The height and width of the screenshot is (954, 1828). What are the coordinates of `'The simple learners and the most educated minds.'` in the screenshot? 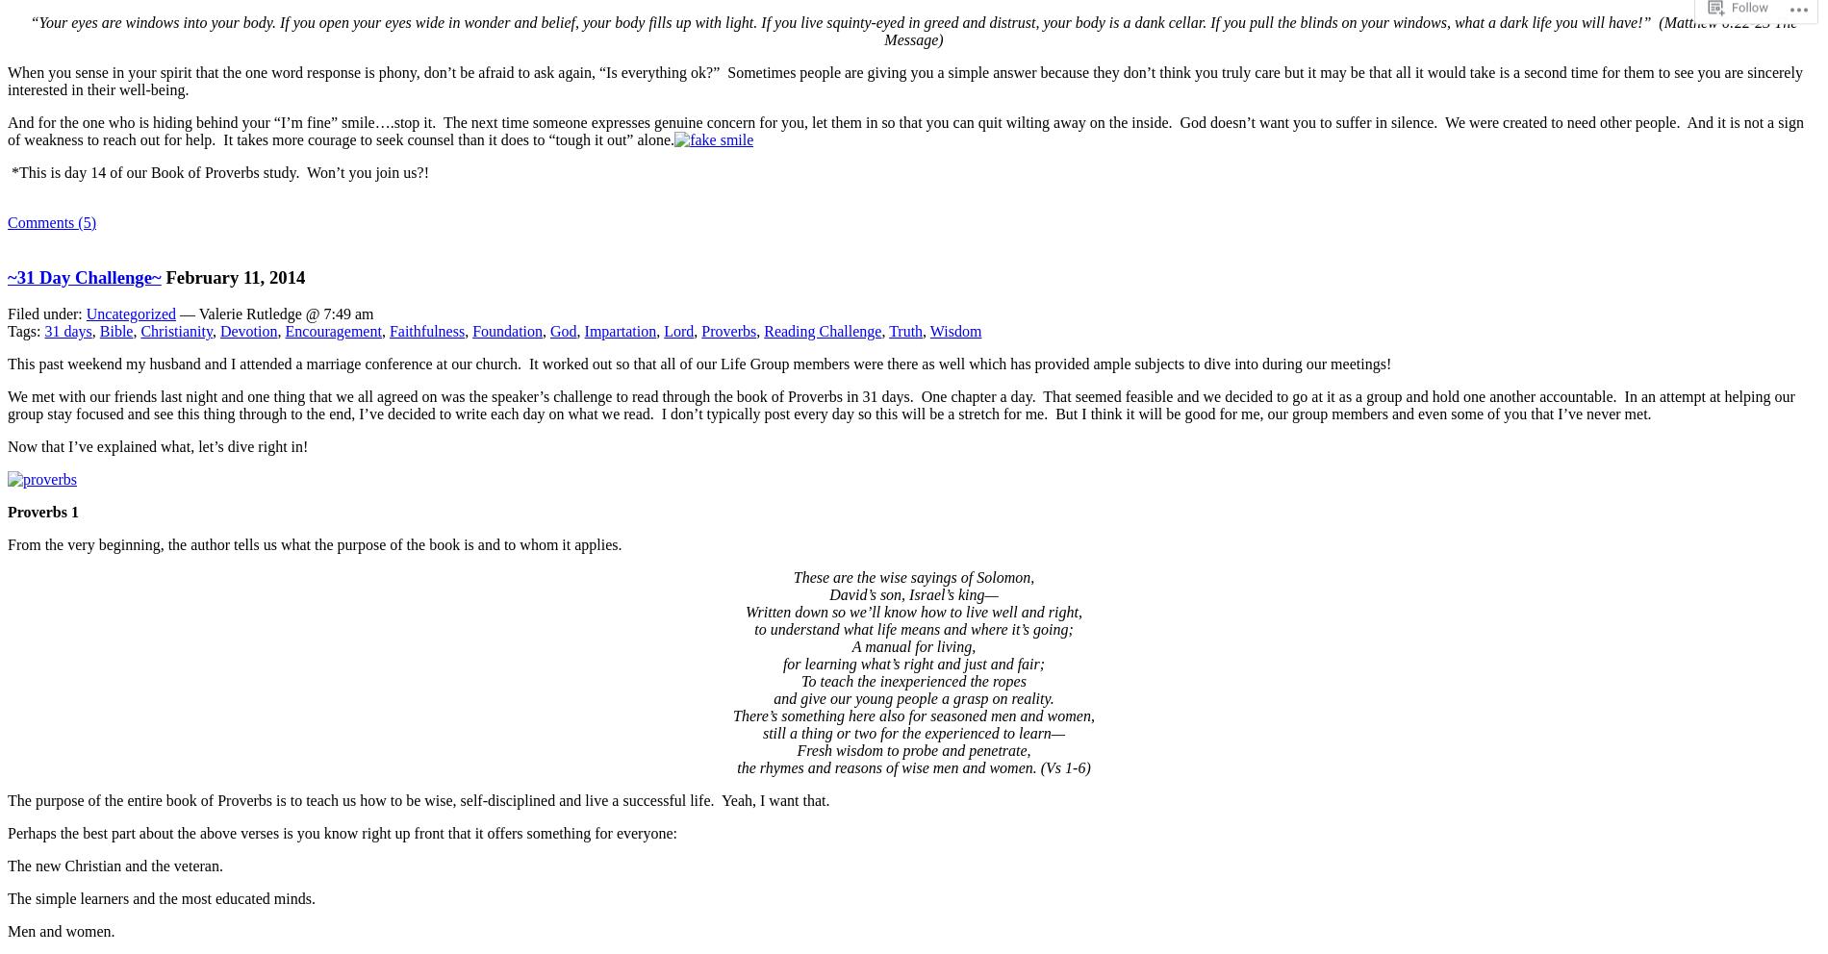 It's located at (161, 897).